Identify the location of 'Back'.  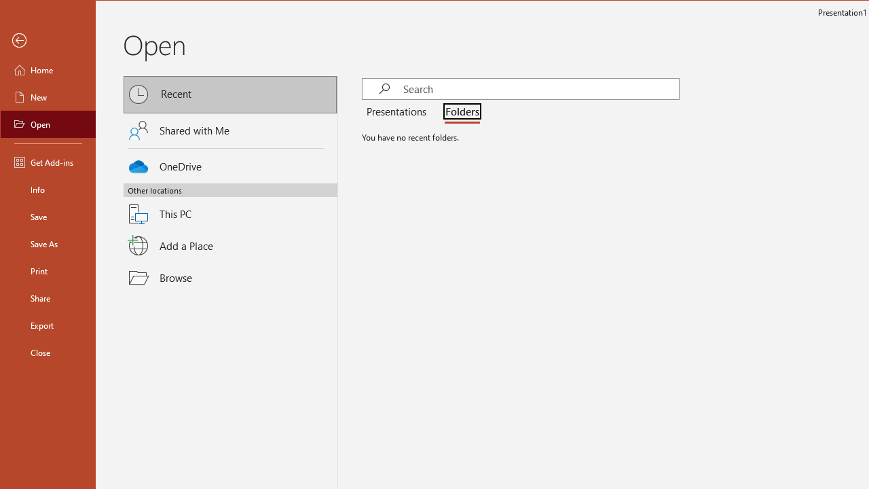
(48, 40).